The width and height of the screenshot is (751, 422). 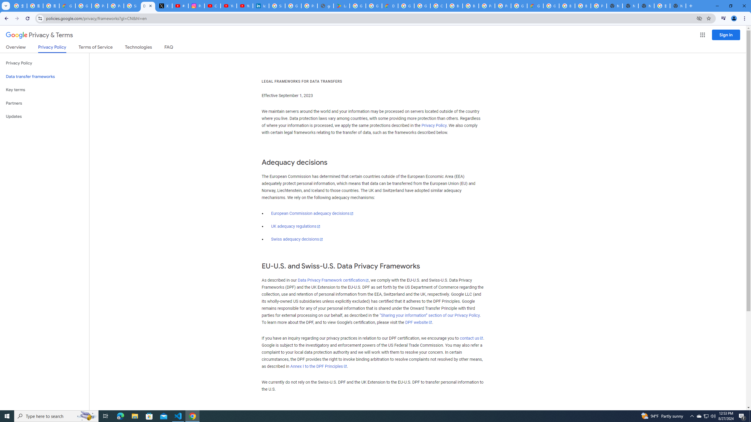 I want to click on 'Privacy Help Center - Policies Help', so click(x=99, y=6).